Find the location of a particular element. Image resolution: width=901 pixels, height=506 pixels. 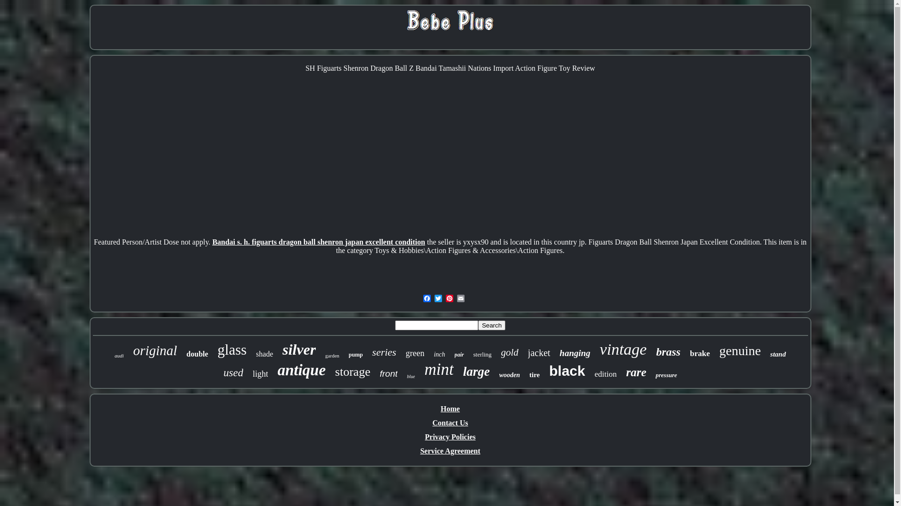

'brass' is located at coordinates (655, 352).